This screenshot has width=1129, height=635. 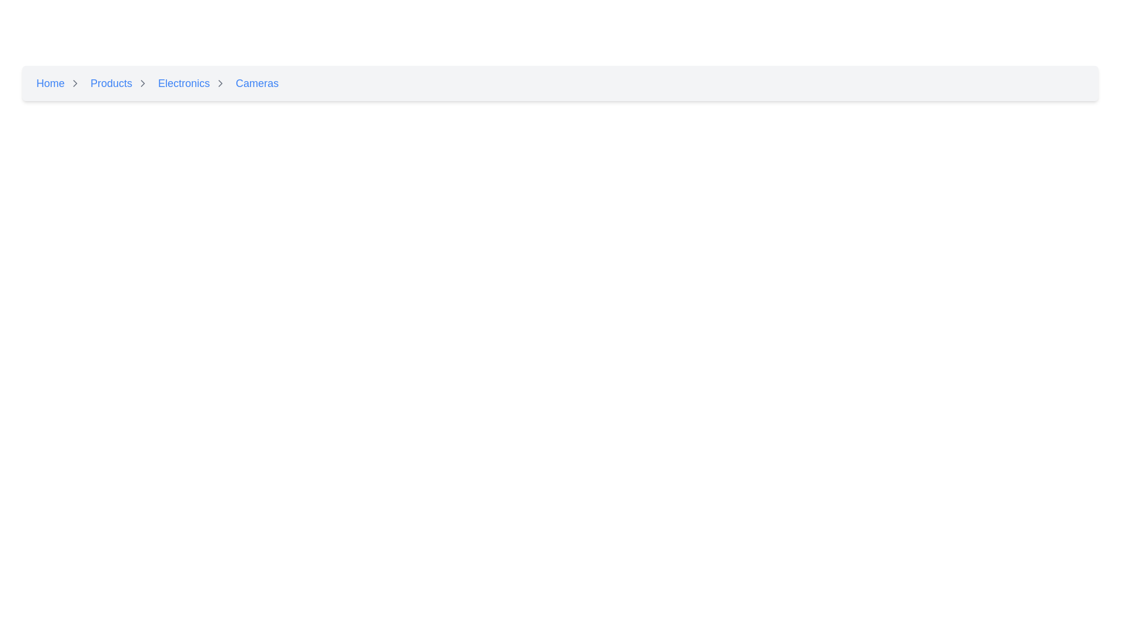 I want to click on the blue text hyperlink labeled 'Cameras' in the breadcrumb navigation trail, which is located immediately after 'Electronics', so click(x=256, y=83).